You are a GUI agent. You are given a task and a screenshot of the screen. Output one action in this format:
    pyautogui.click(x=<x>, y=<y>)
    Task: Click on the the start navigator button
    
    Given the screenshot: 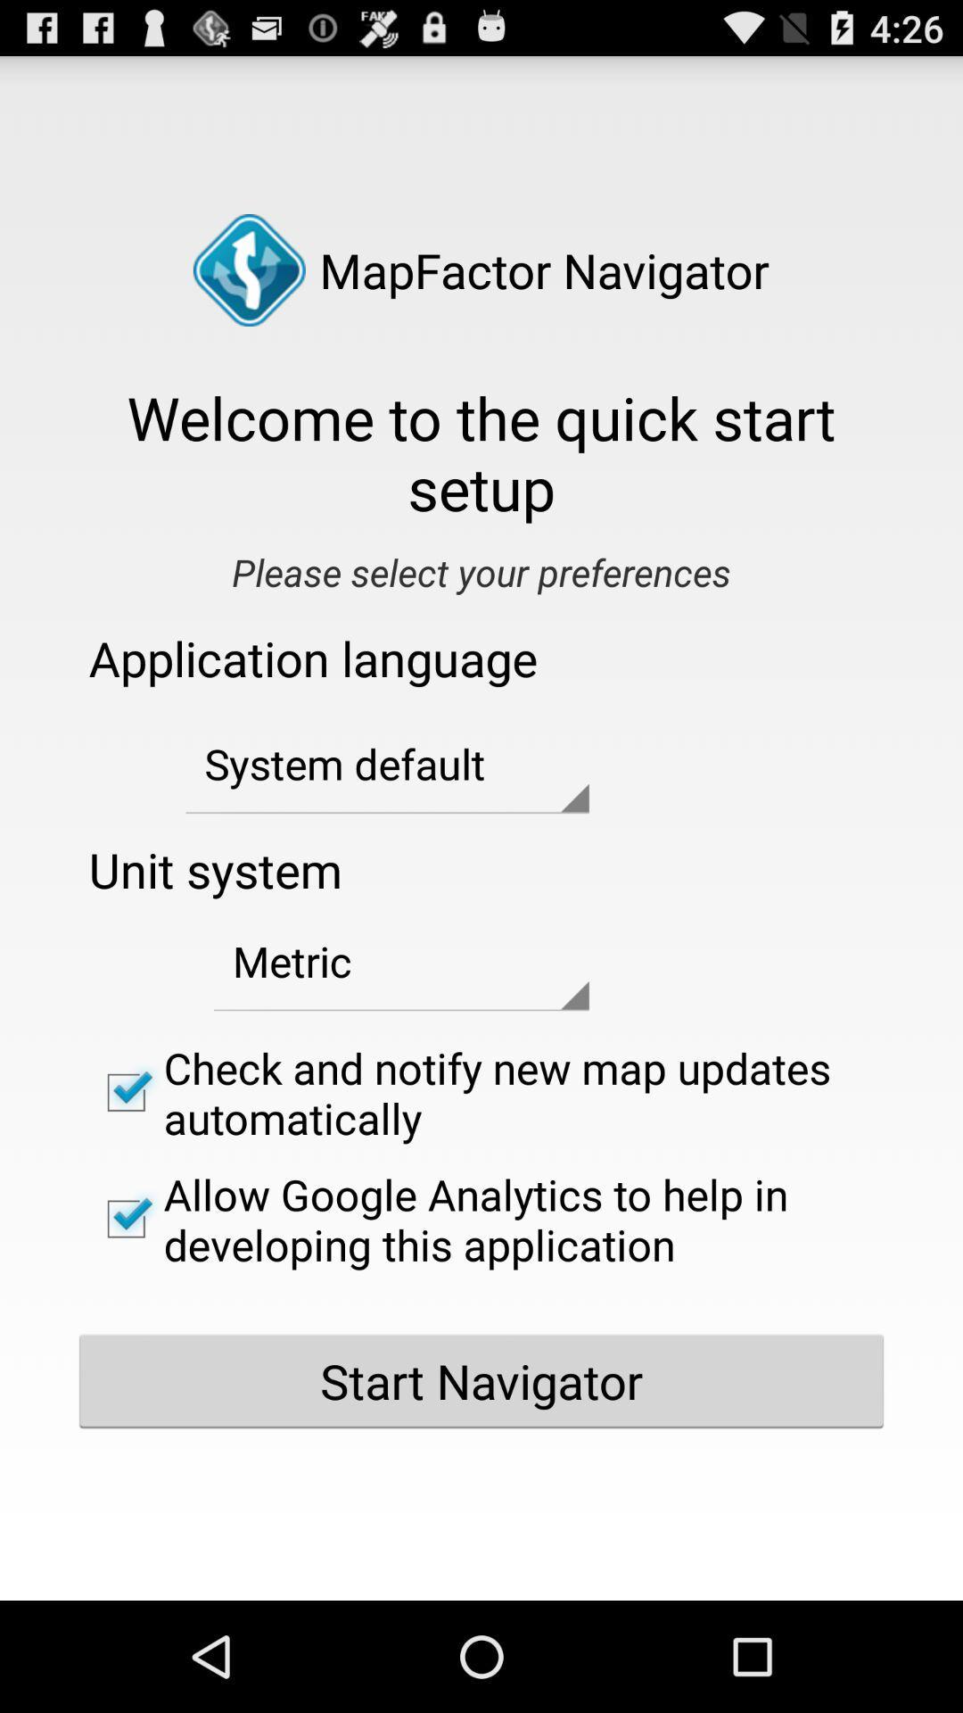 What is the action you would take?
    pyautogui.click(x=481, y=1380)
    